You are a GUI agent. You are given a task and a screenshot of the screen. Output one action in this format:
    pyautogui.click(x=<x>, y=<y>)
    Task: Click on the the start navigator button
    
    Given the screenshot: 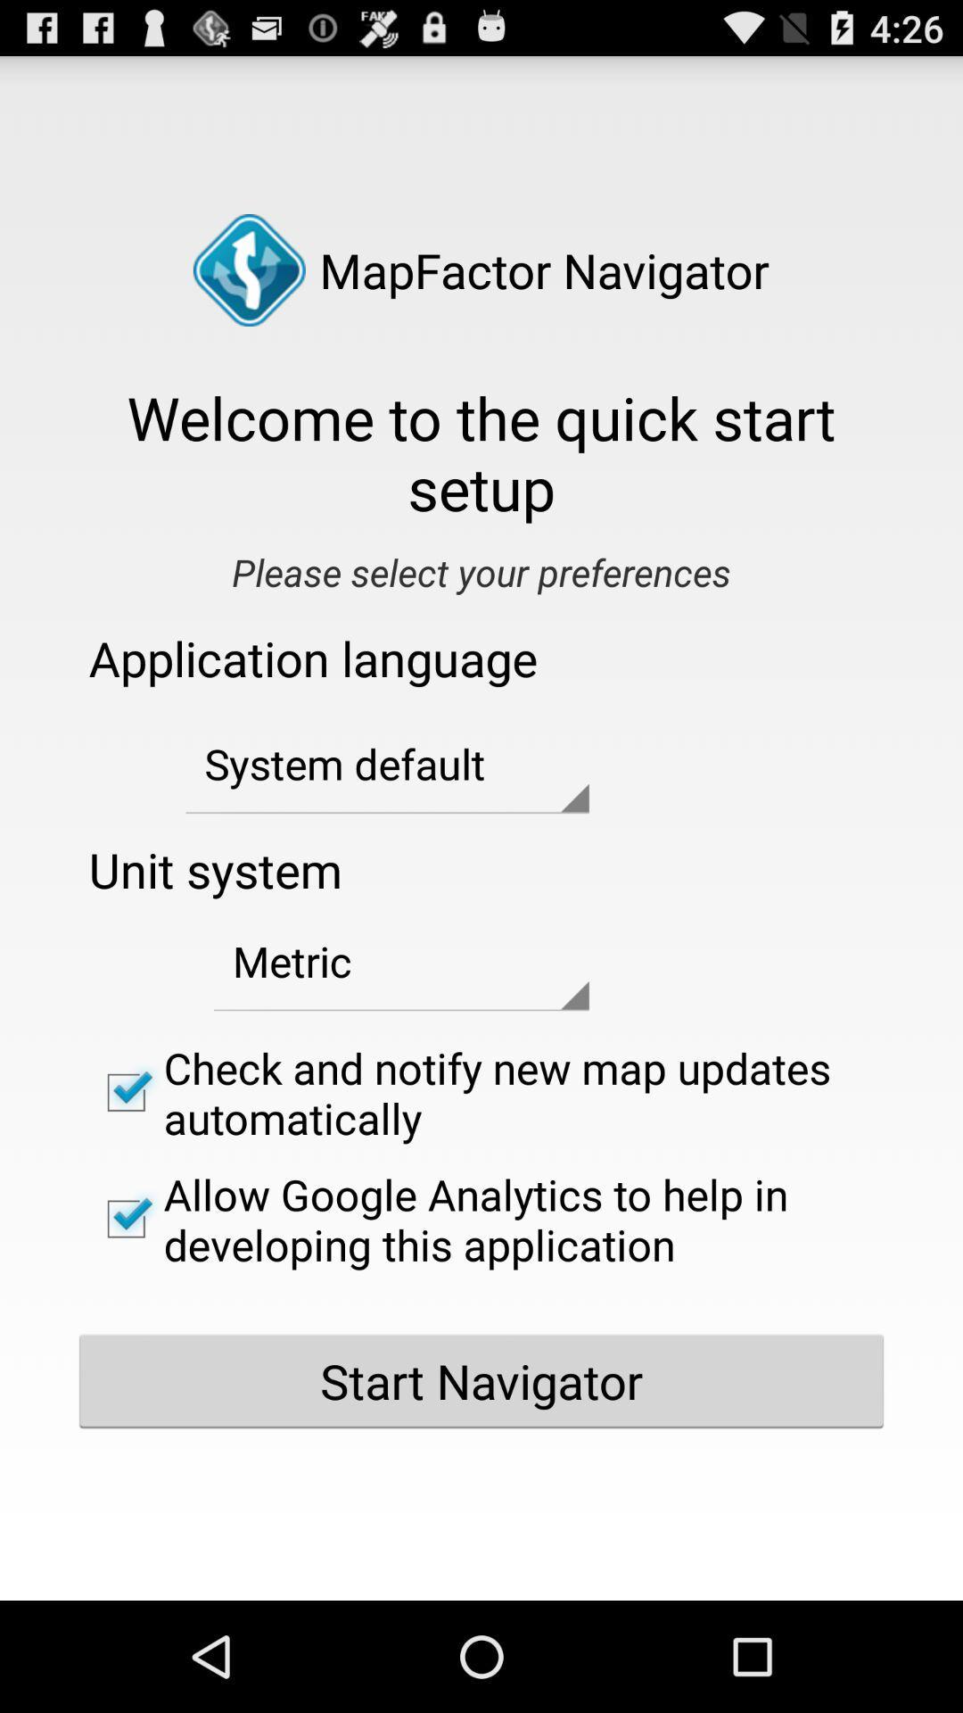 What is the action you would take?
    pyautogui.click(x=481, y=1380)
    